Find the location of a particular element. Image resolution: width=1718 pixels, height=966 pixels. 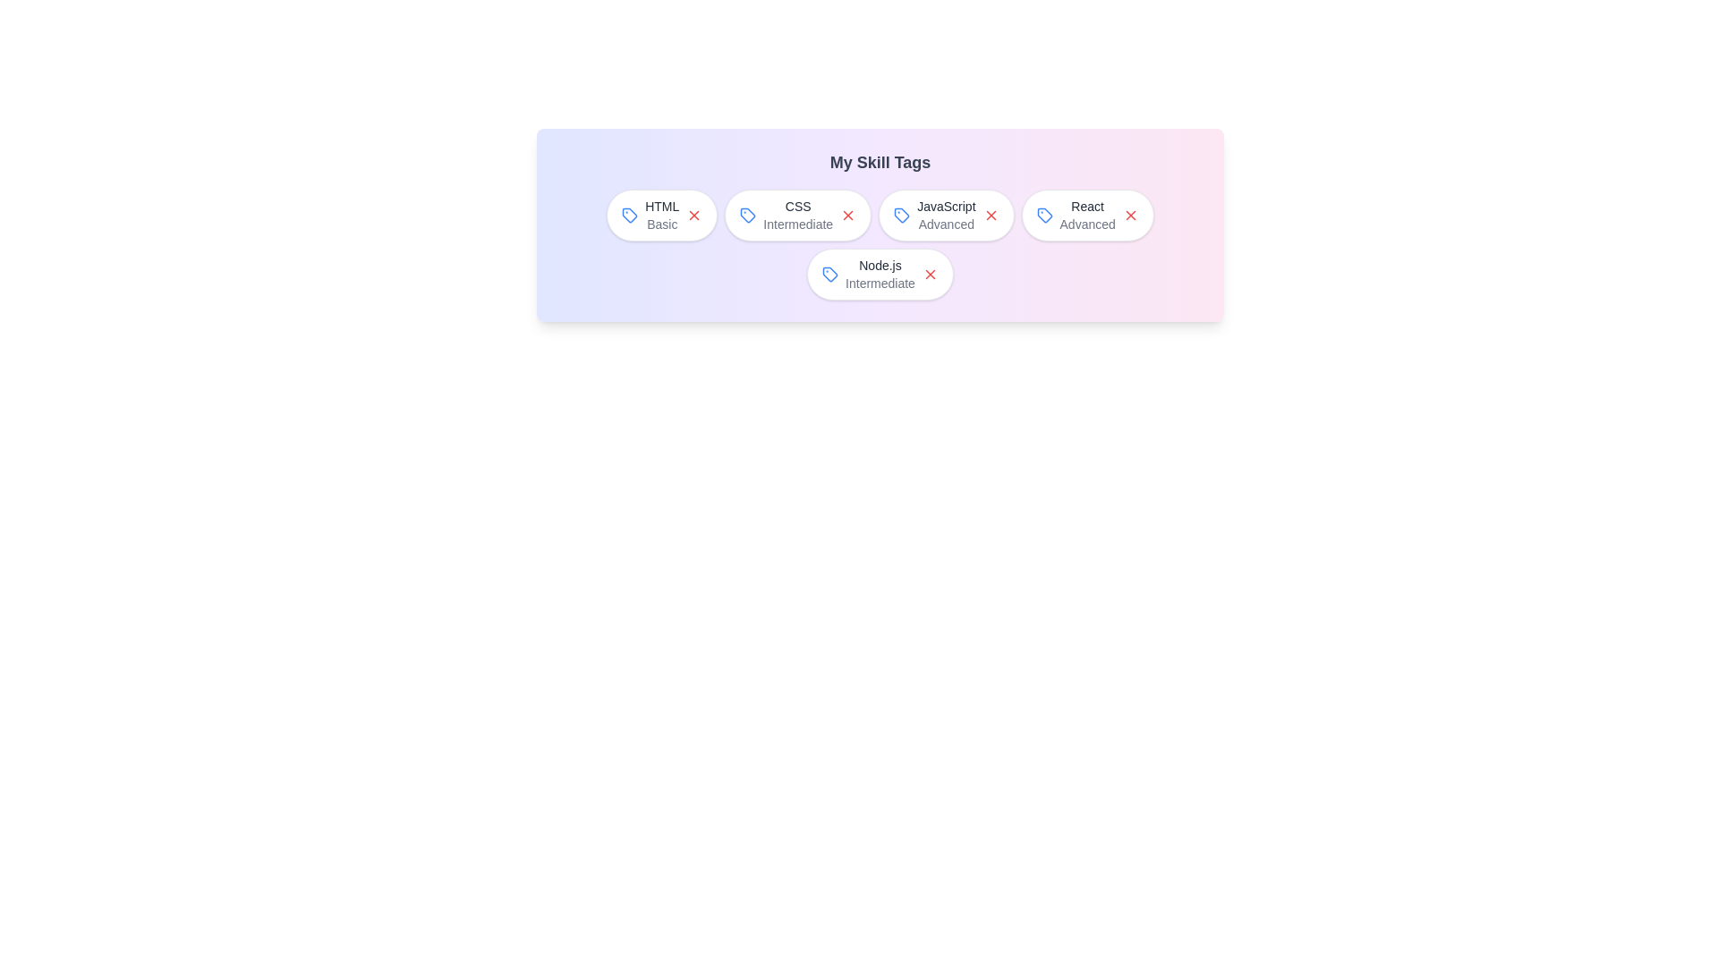

close button of the skill tag with label JavaScript is located at coordinates (990, 214).